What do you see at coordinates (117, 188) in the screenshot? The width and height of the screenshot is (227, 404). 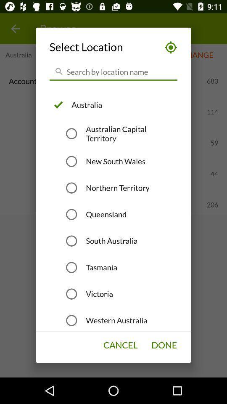 I see `item below the new south wales icon` at bounding box center [117, 188].